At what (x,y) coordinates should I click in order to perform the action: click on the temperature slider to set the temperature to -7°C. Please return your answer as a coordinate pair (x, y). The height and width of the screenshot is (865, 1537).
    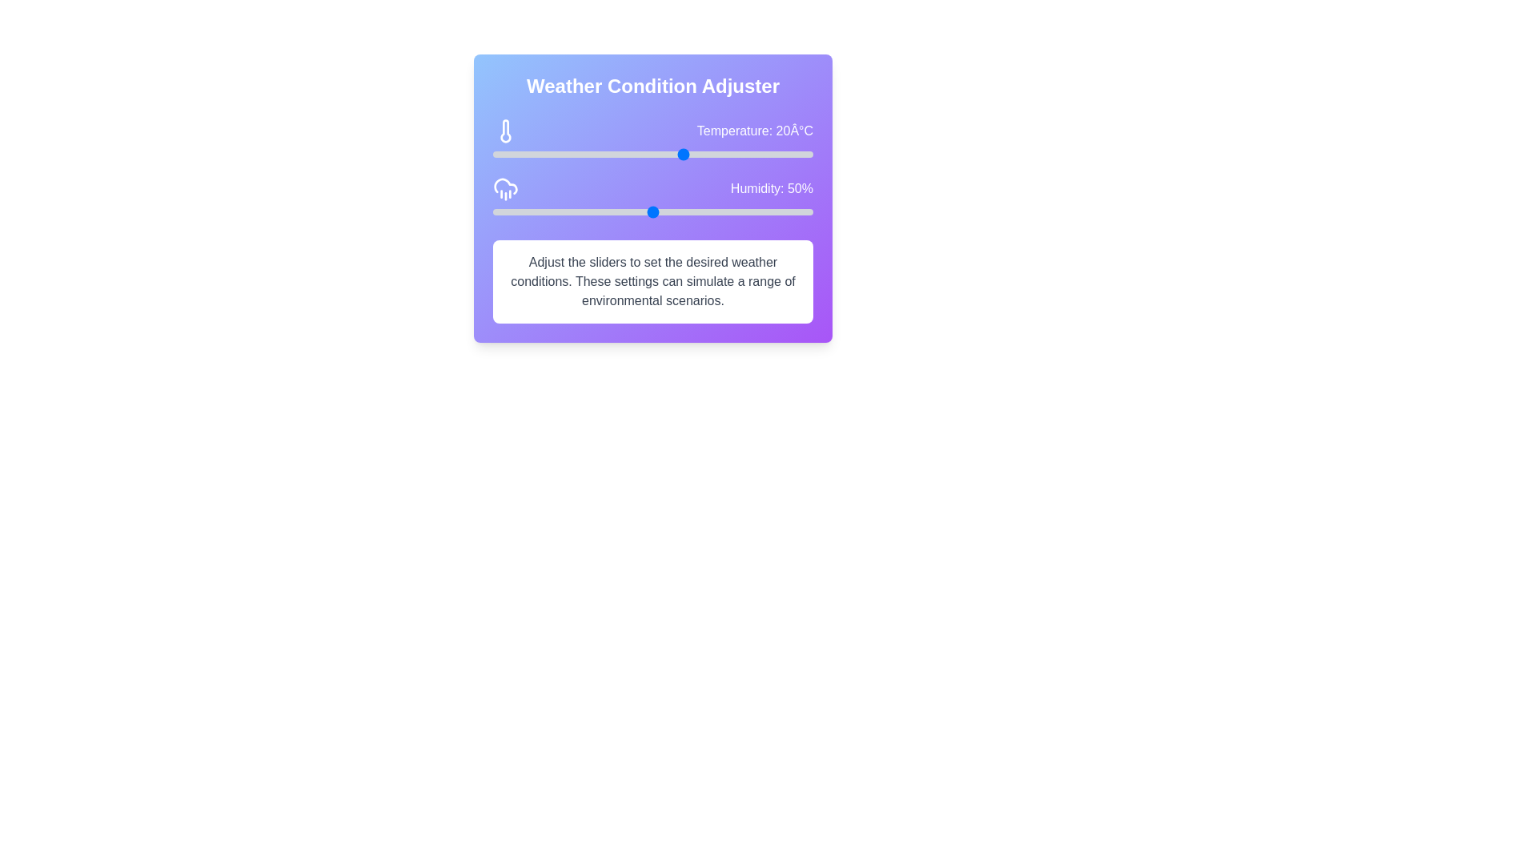
    Looking at the image, I should click on (511, 154).